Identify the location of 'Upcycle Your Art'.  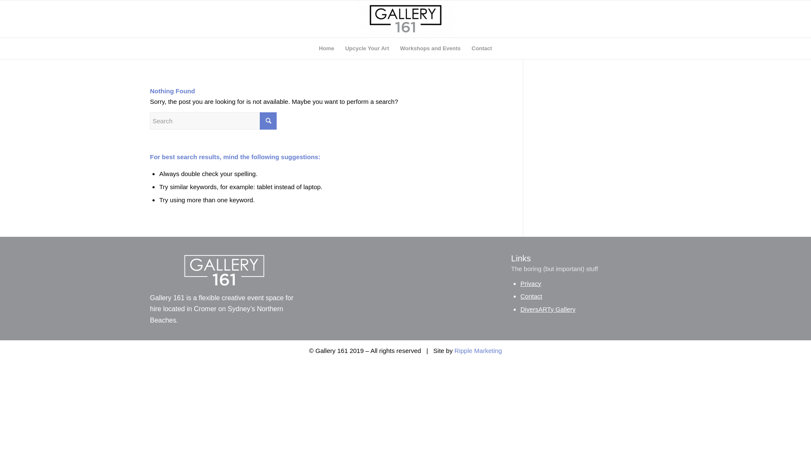
(367, 49).